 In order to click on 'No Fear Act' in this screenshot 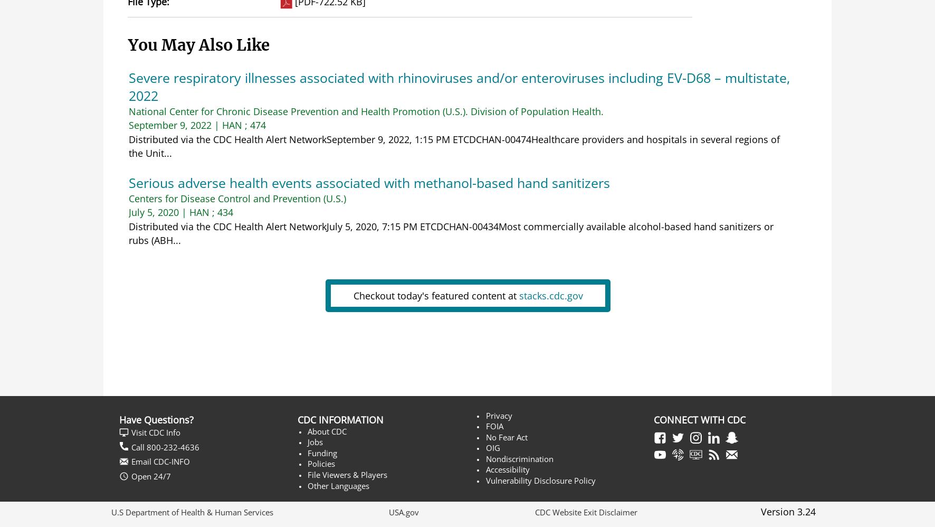, I will do `click(505, 437)`.